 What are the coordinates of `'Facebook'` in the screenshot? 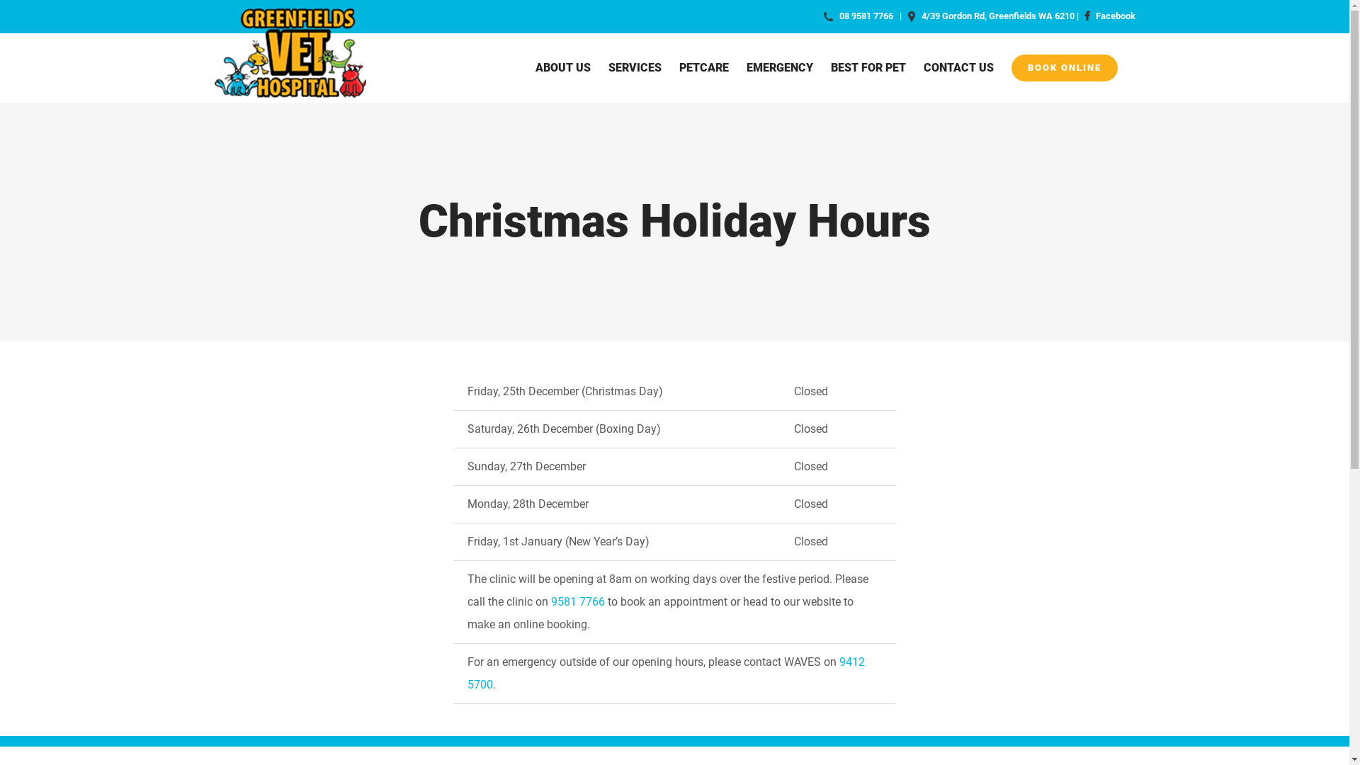 It's located at (1080, 16).